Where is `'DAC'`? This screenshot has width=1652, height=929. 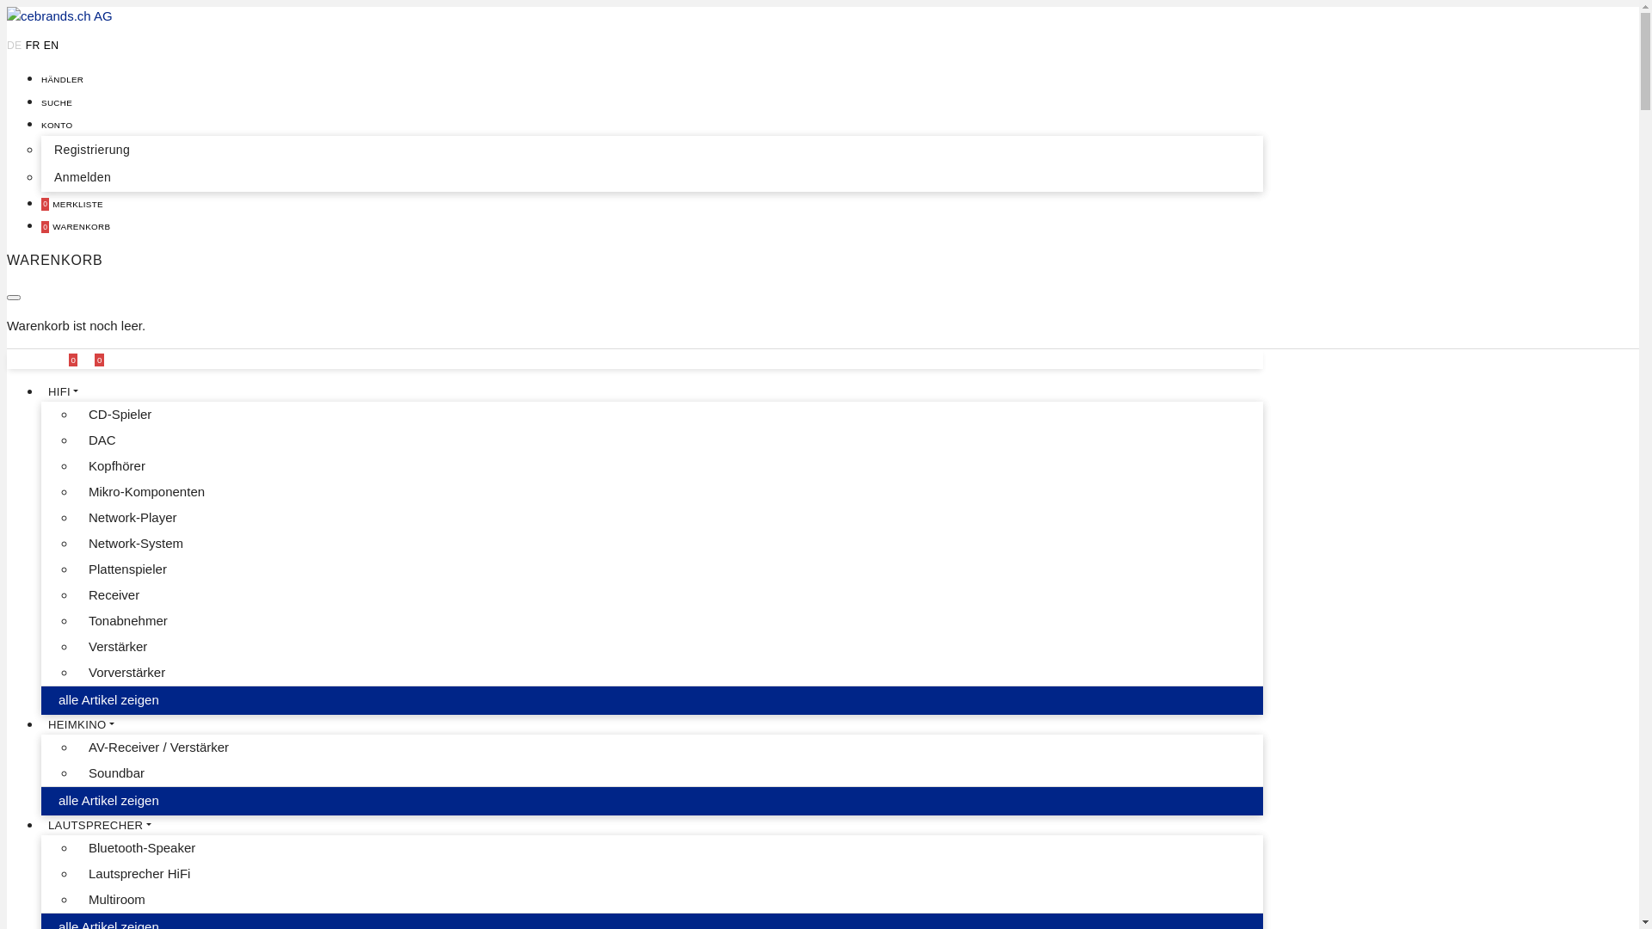
'DAC' is located at coordinates (74, 440).